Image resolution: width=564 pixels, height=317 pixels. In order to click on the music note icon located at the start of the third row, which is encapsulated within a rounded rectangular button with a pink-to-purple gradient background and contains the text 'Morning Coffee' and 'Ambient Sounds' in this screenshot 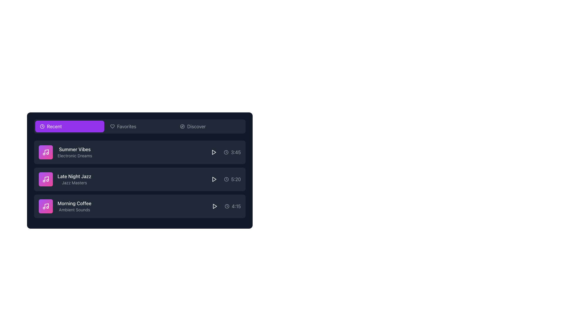, I will do `click(46, 206)`.